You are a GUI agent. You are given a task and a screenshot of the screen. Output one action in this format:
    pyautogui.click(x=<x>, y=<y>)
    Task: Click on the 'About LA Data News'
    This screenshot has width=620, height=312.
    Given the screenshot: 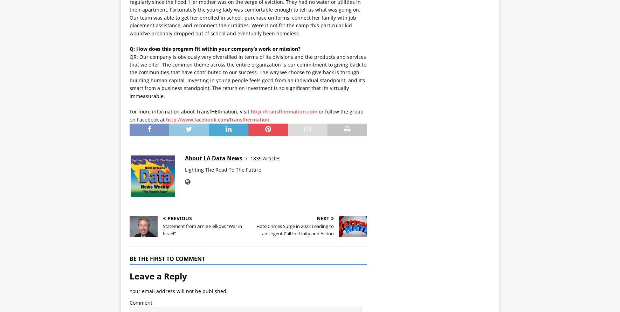 What is the action you would take?
    pyautogui.click(x=214, y=158)
    